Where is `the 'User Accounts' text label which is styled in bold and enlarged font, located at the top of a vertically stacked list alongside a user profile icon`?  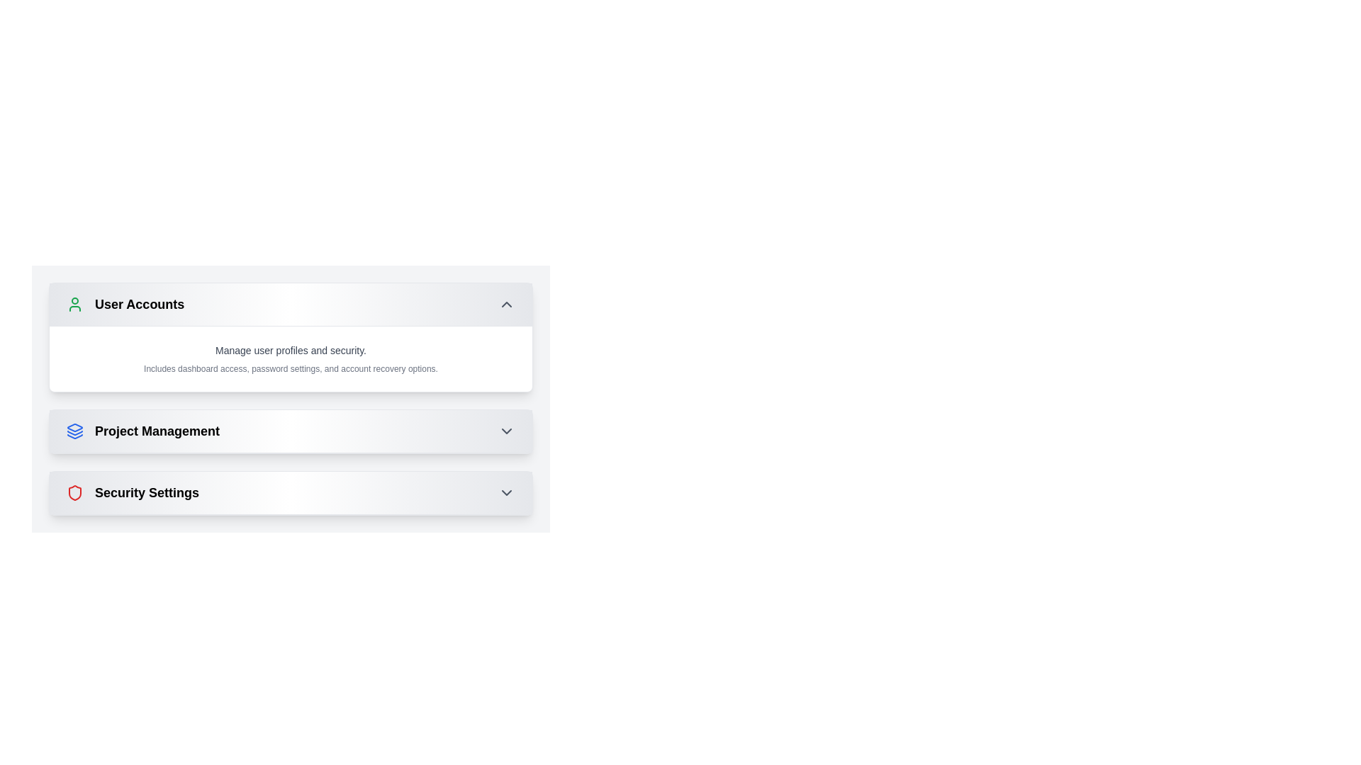
the 'User Accounts' text label which is styled in bold and enlarged font, located at the top of a vertically stacked list alongside a user profile icon is located at coordinates (140, 303).